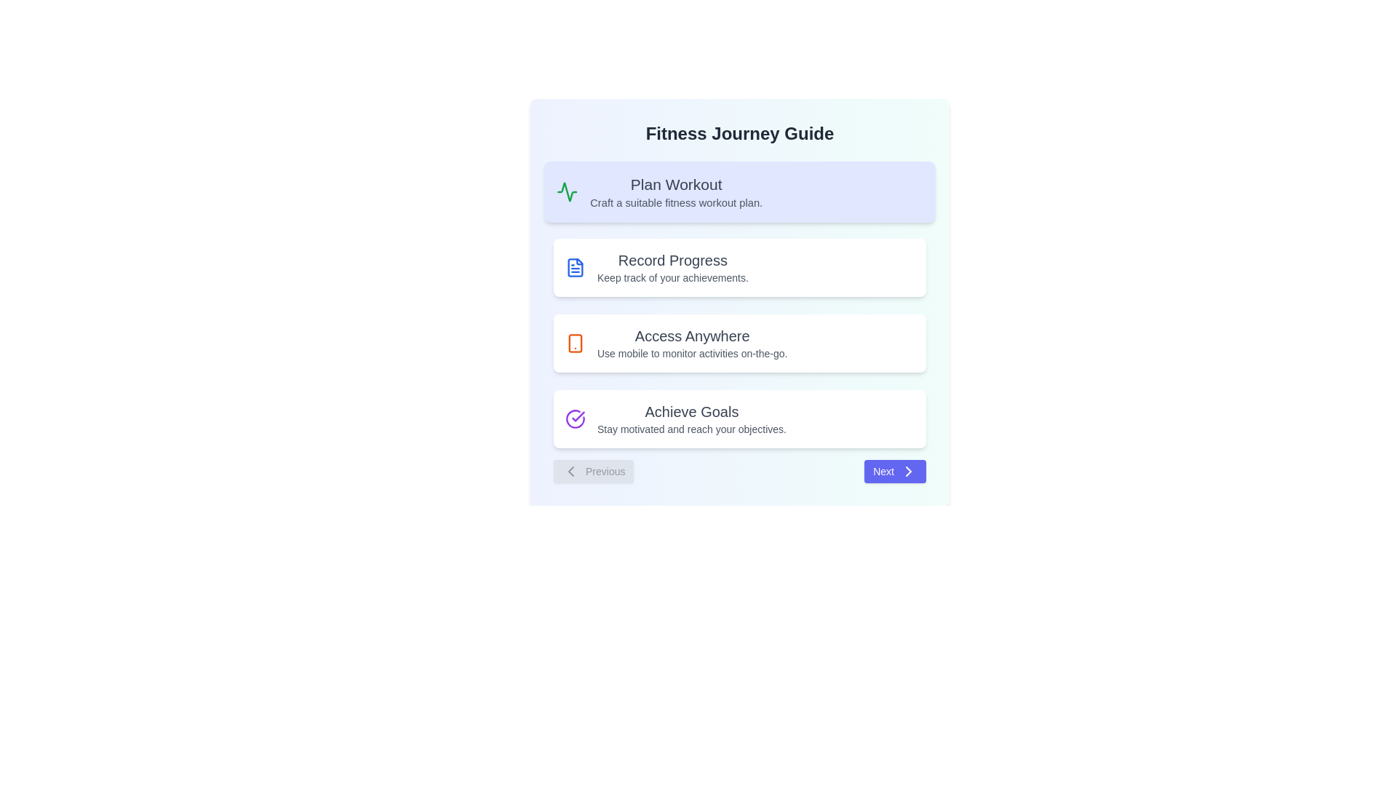 This screenshot has width=1397, height=786. What do you see at coordinates (690, 418) in the screenshot?
I see `the textual content element that conveys information about achieving goals and staying motivated, located in the bottom-most card of the vertical stack` at bounding box center [690, 418].